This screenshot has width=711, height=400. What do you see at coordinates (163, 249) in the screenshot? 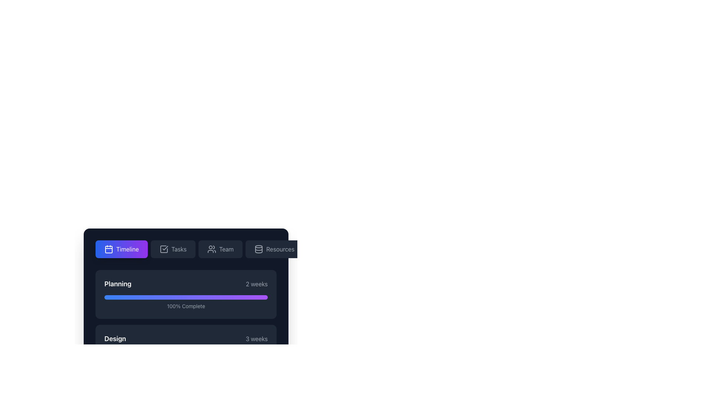
I see `the 'Tasks' button/icon located in the top section of the interface, which is the second item from the left` at bounding box center [163, 249].